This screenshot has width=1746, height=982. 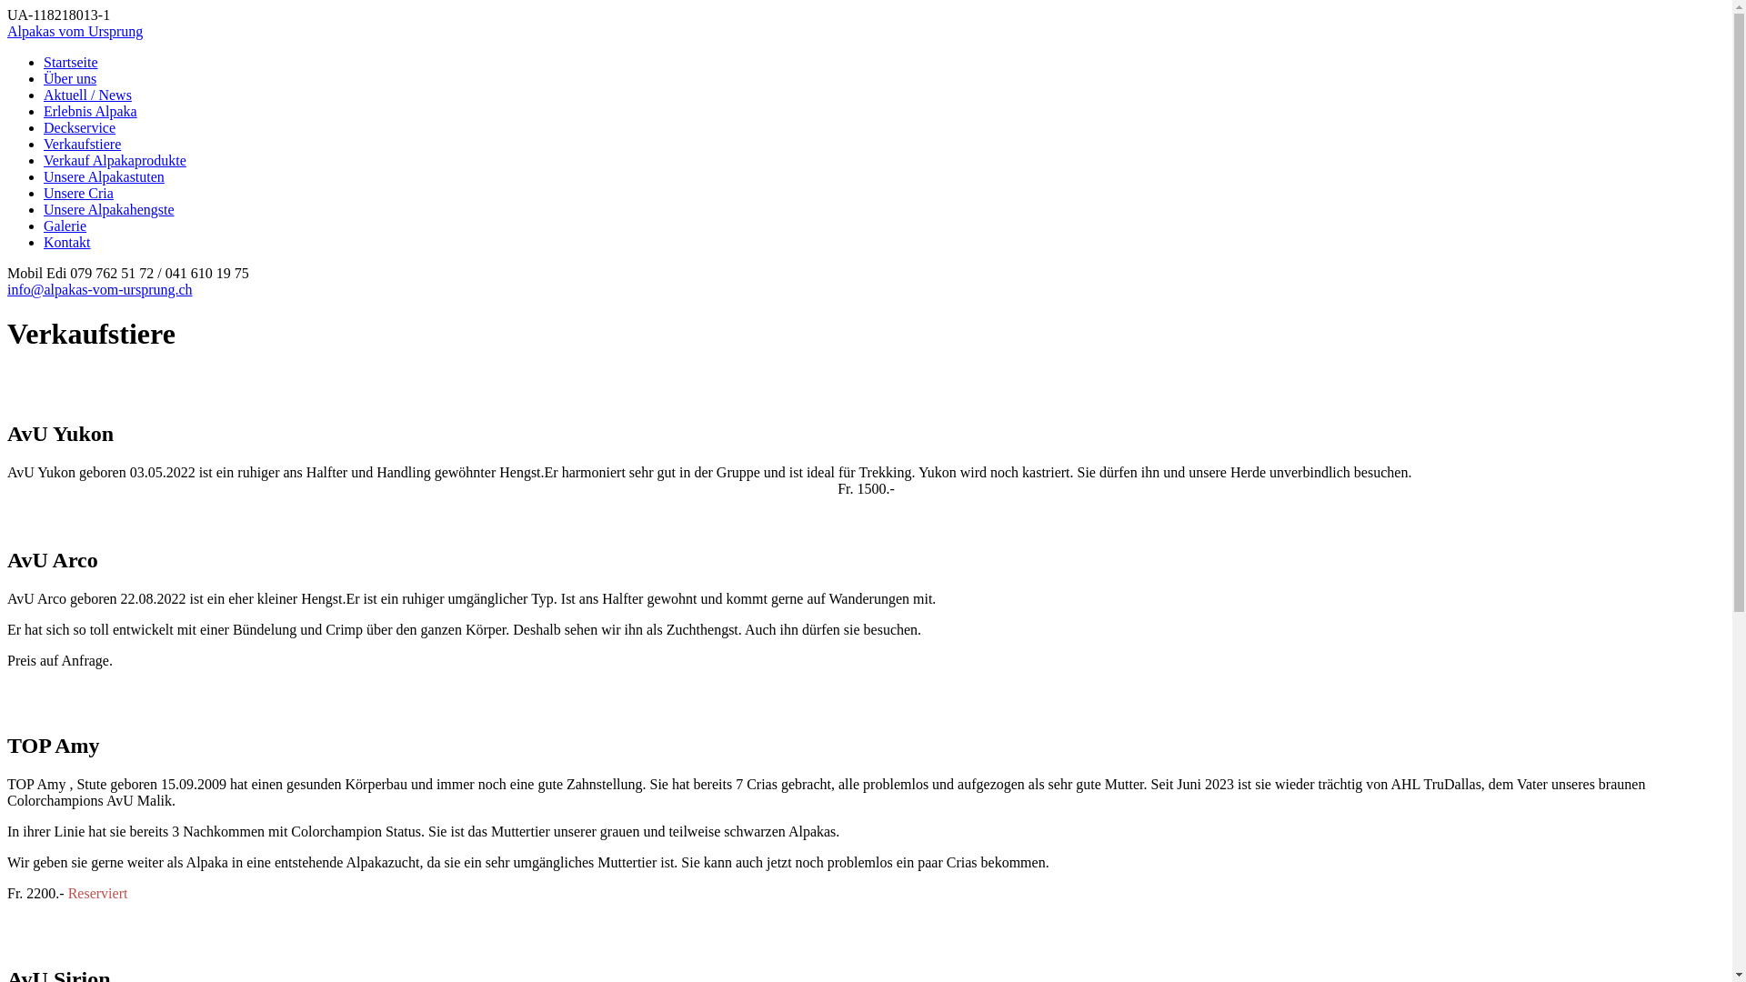 What do you see at coordinates (70, 61) in the screenshot?
I see `'Startseite'` at bounding box center [70, 61].